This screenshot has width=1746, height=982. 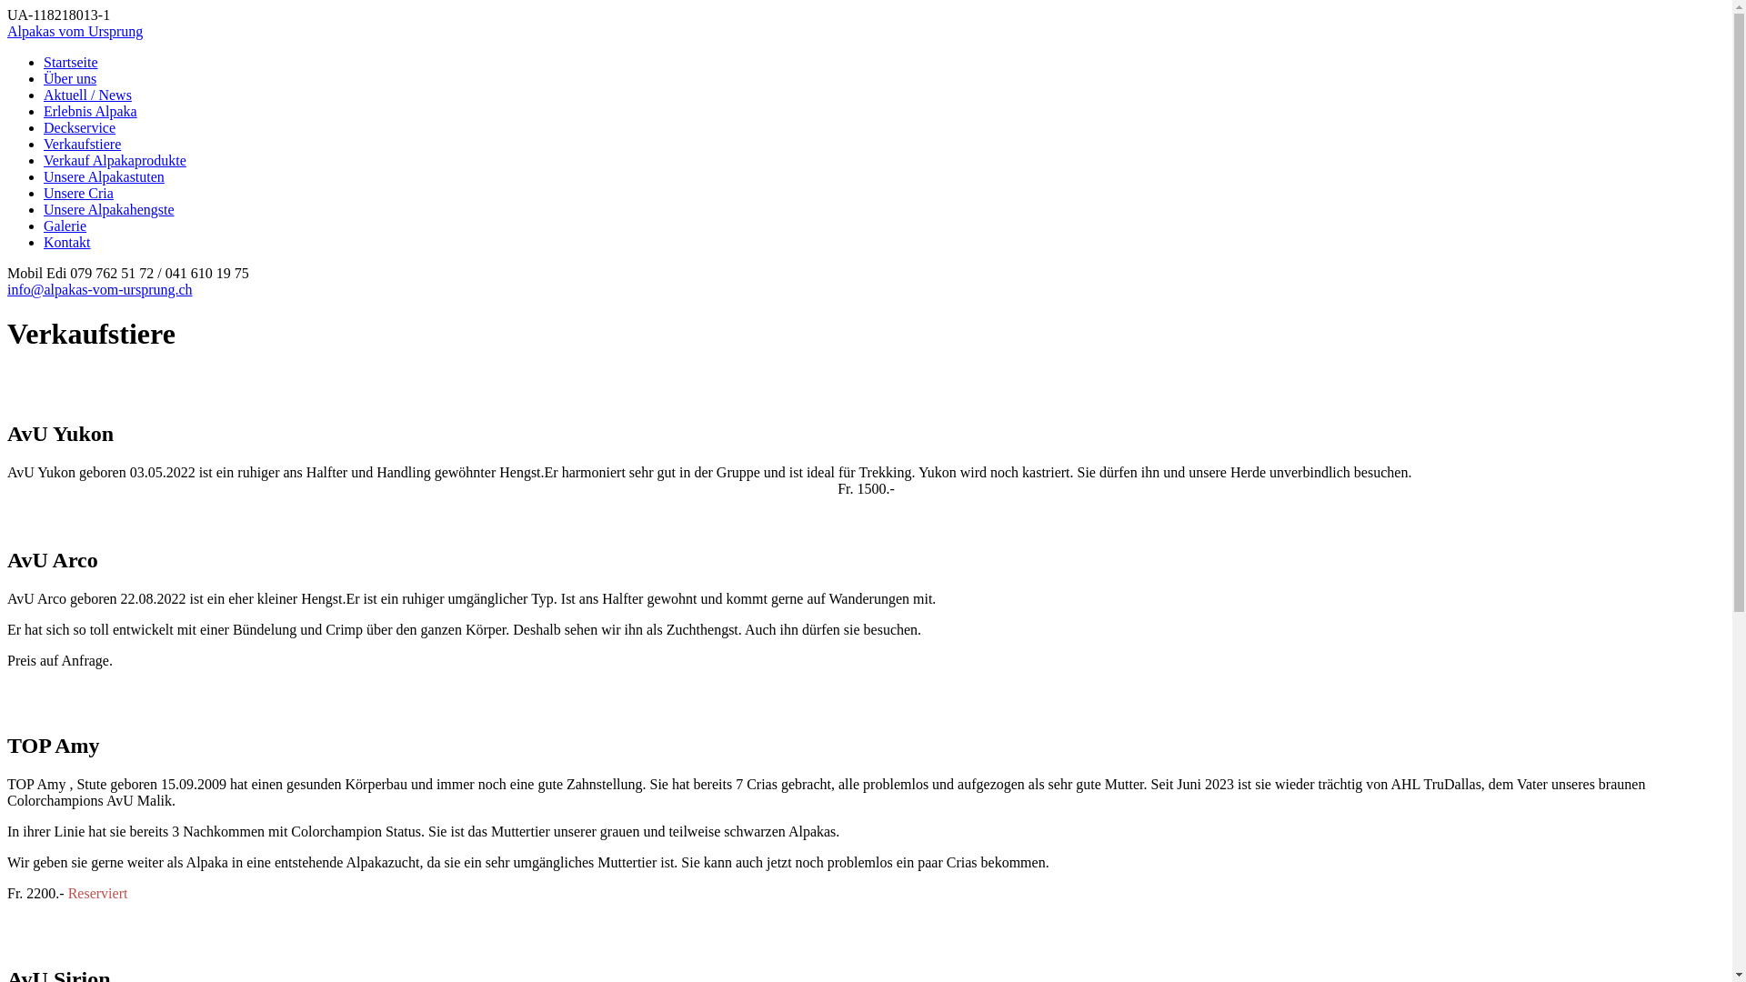 What do you see at coordinates (70, 61) in the screenshot?
I see `'Startseite'` at bounding box center [70, 61].